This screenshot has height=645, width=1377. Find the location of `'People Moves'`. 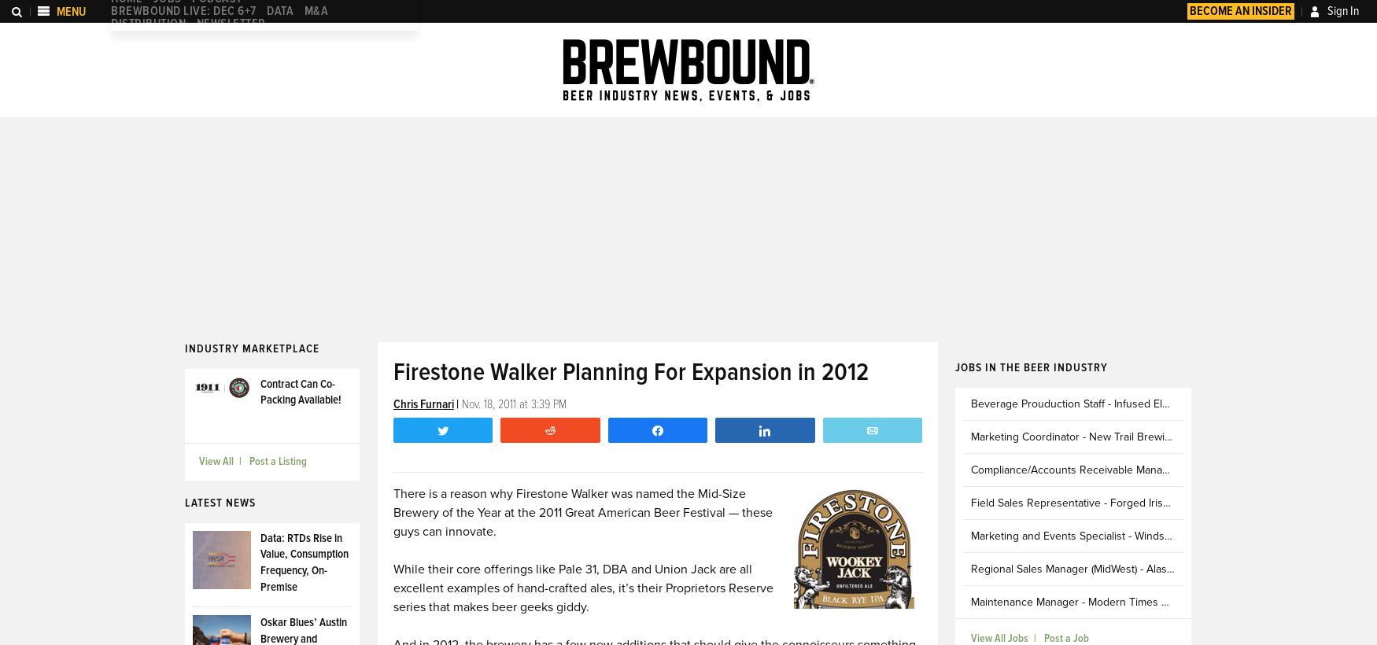

'People Moves' is located at coordinates (11, 415).